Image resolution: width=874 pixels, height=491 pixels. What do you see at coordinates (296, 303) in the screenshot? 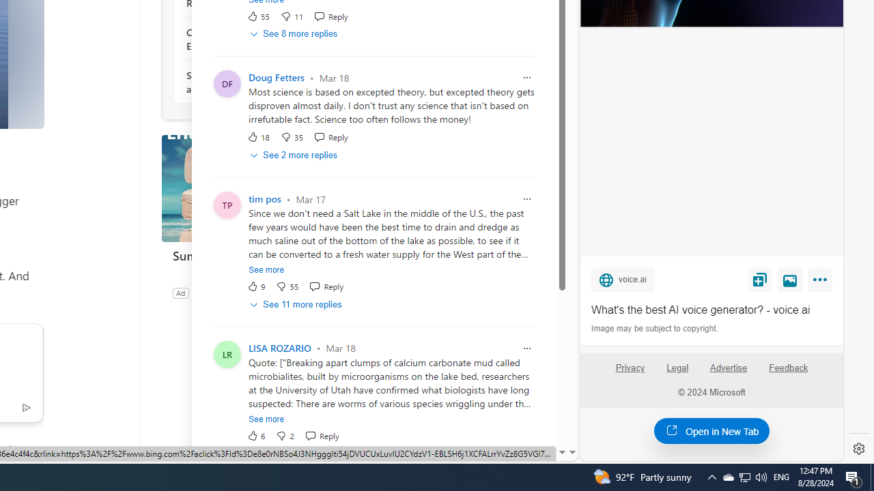
I see `'See 11 more replies'` at bounding box center [296, 303].